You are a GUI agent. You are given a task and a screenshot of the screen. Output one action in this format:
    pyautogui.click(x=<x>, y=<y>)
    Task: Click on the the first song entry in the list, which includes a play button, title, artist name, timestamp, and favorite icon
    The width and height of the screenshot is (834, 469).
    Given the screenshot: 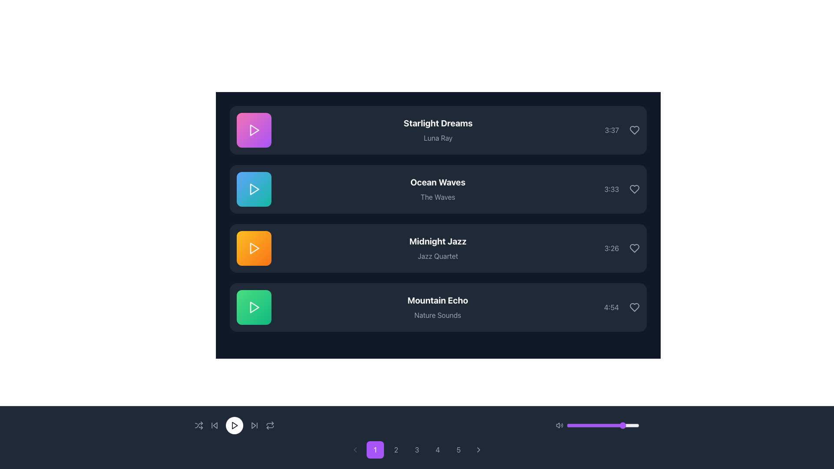 What is the action you would take?
    pyautogui.click(x=438, y=130)
    